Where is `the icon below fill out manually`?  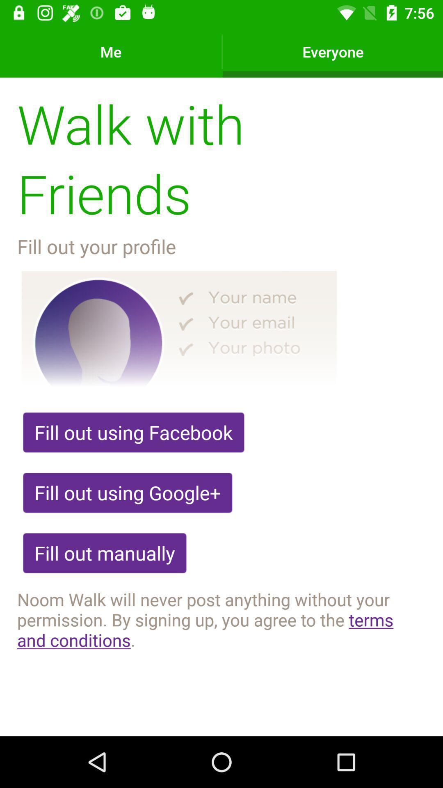
the icon below fill out manually is located at coordinates (221, 619).